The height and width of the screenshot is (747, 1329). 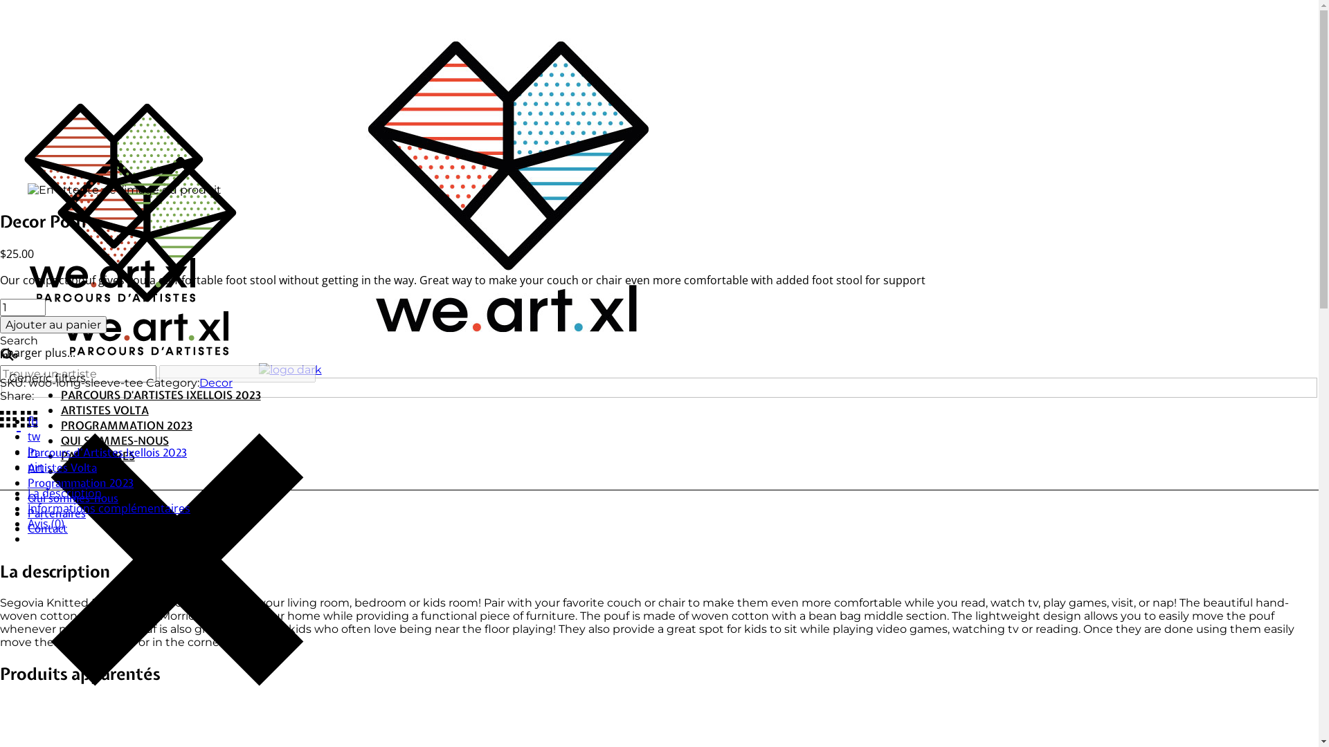 What do you see at coordinates (33, 451) in the screenshot?
I see `'ln'` at bounding box center [33, 451].